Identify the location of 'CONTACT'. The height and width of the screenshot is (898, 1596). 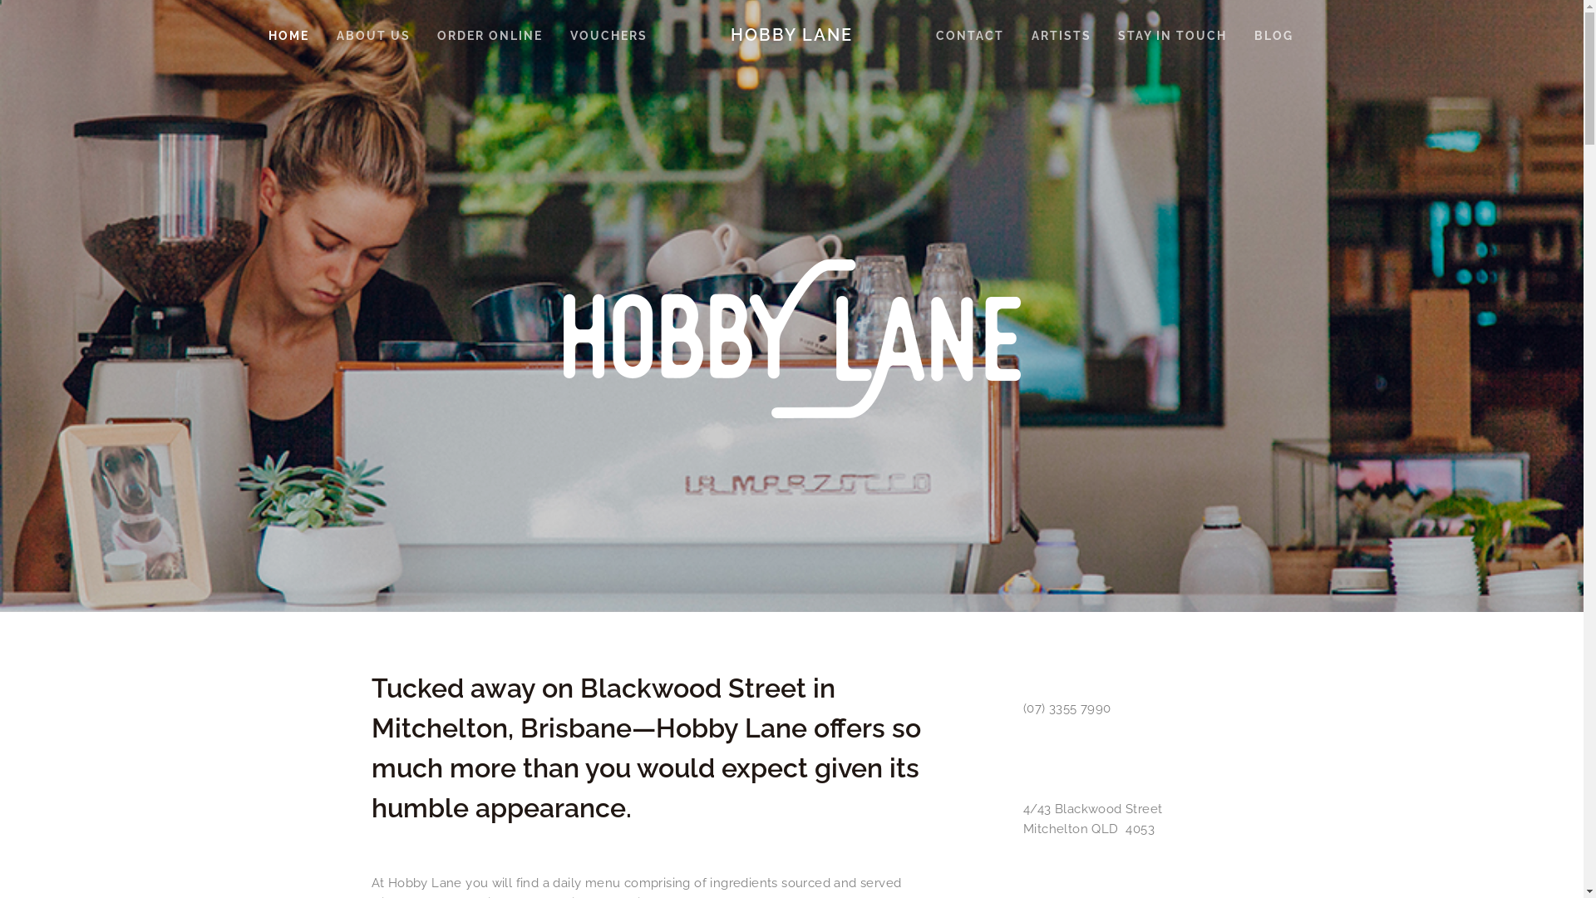
(969, 35).